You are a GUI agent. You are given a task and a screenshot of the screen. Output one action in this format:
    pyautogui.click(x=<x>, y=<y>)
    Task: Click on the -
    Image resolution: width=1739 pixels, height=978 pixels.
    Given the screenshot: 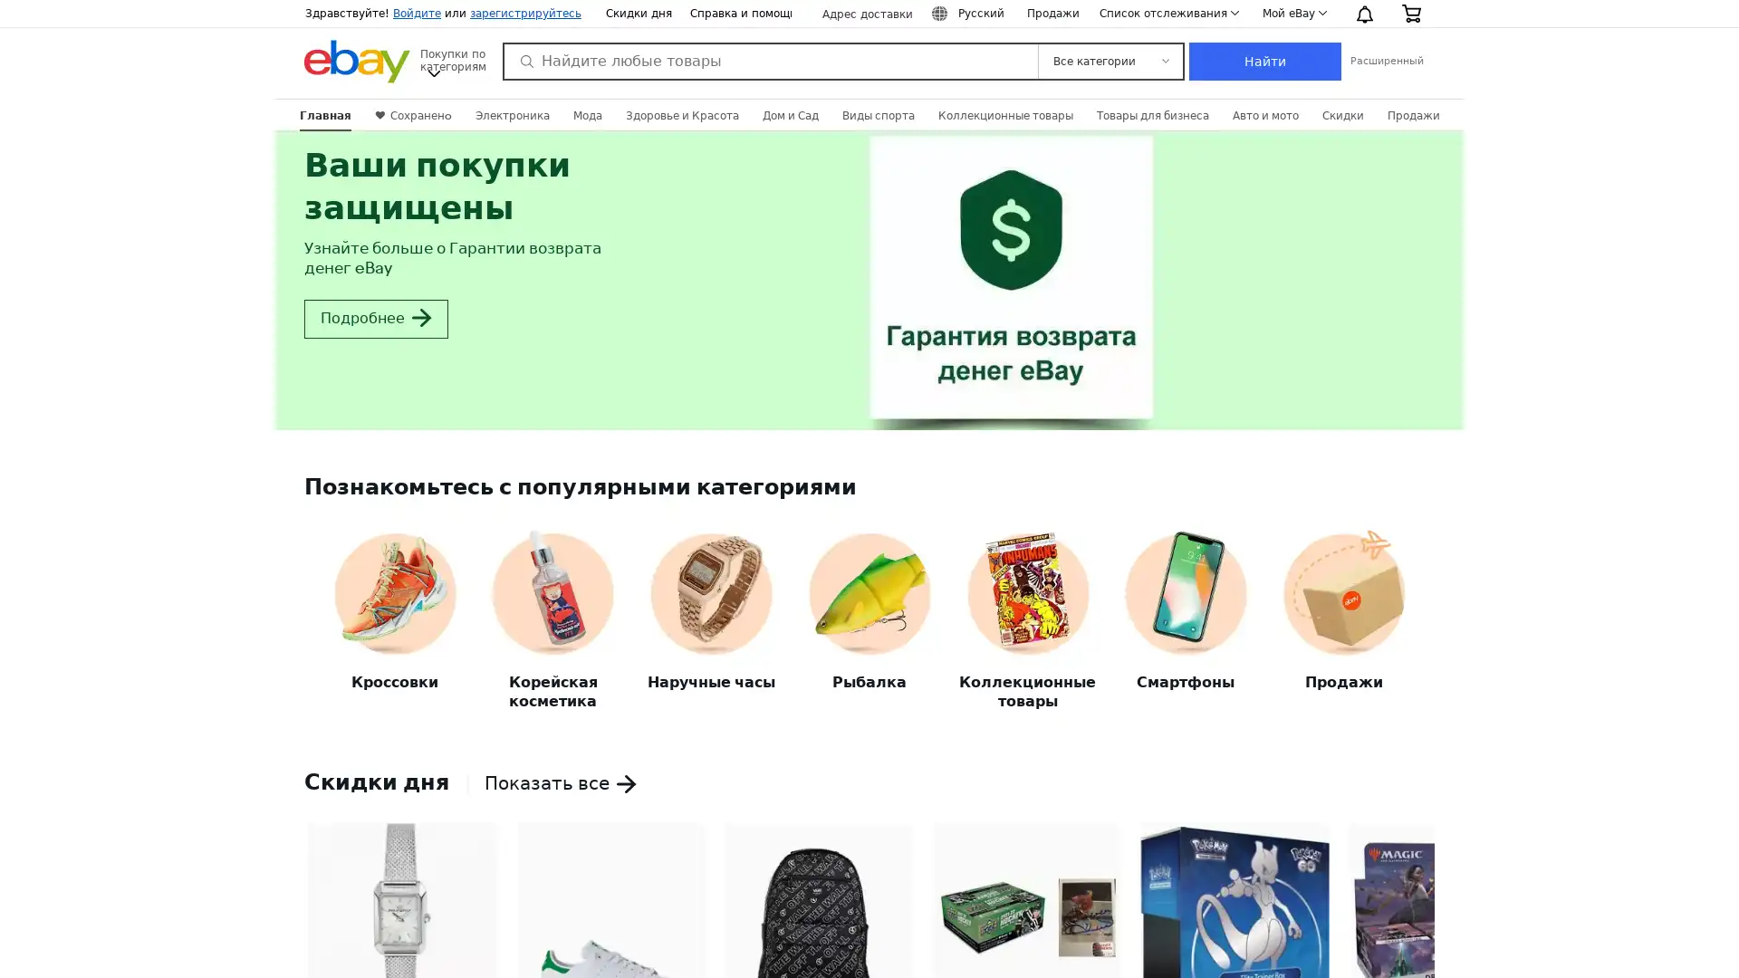 What is the action you would take?
    pyautogui.click(x=318, y=941)
    